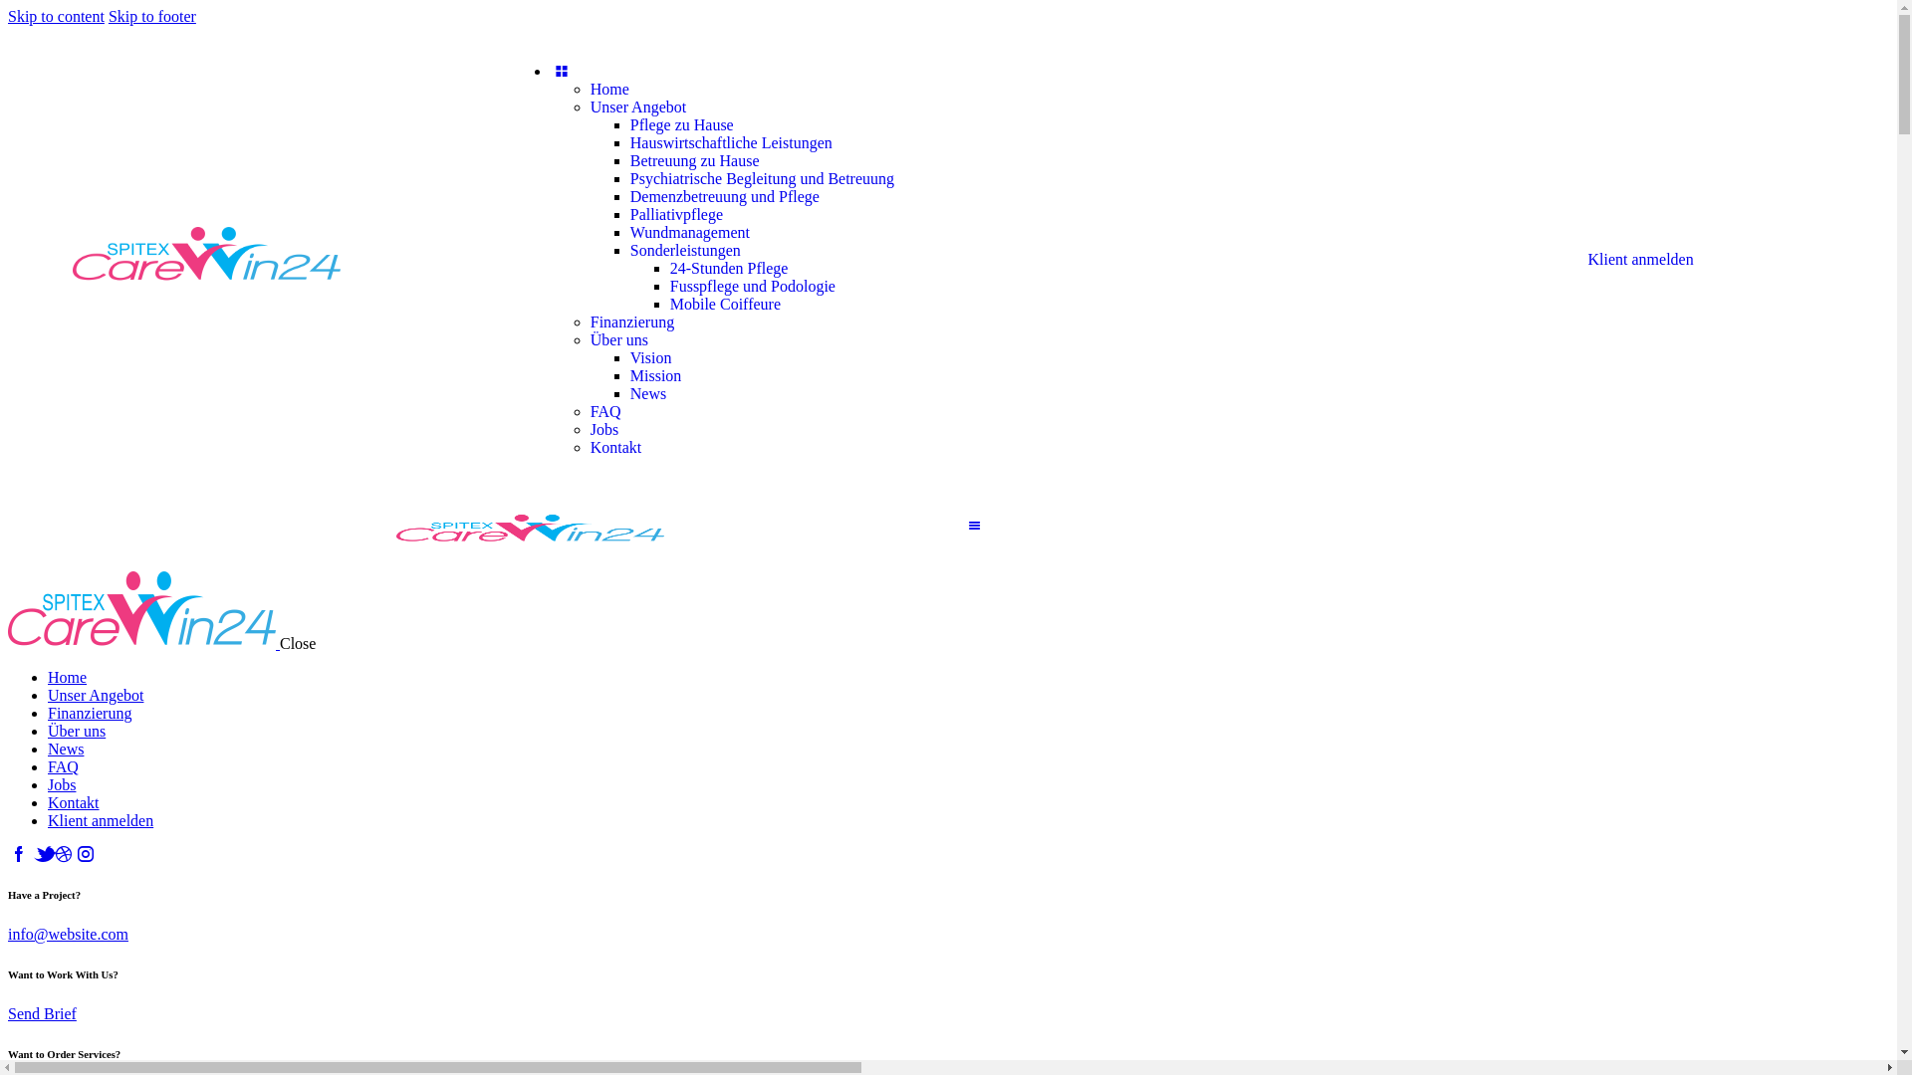 This screenshot has width=1912, height=1075. Describe the element at coordinates (655, 375) in the screenshot. I see `'Mission'` at that location.